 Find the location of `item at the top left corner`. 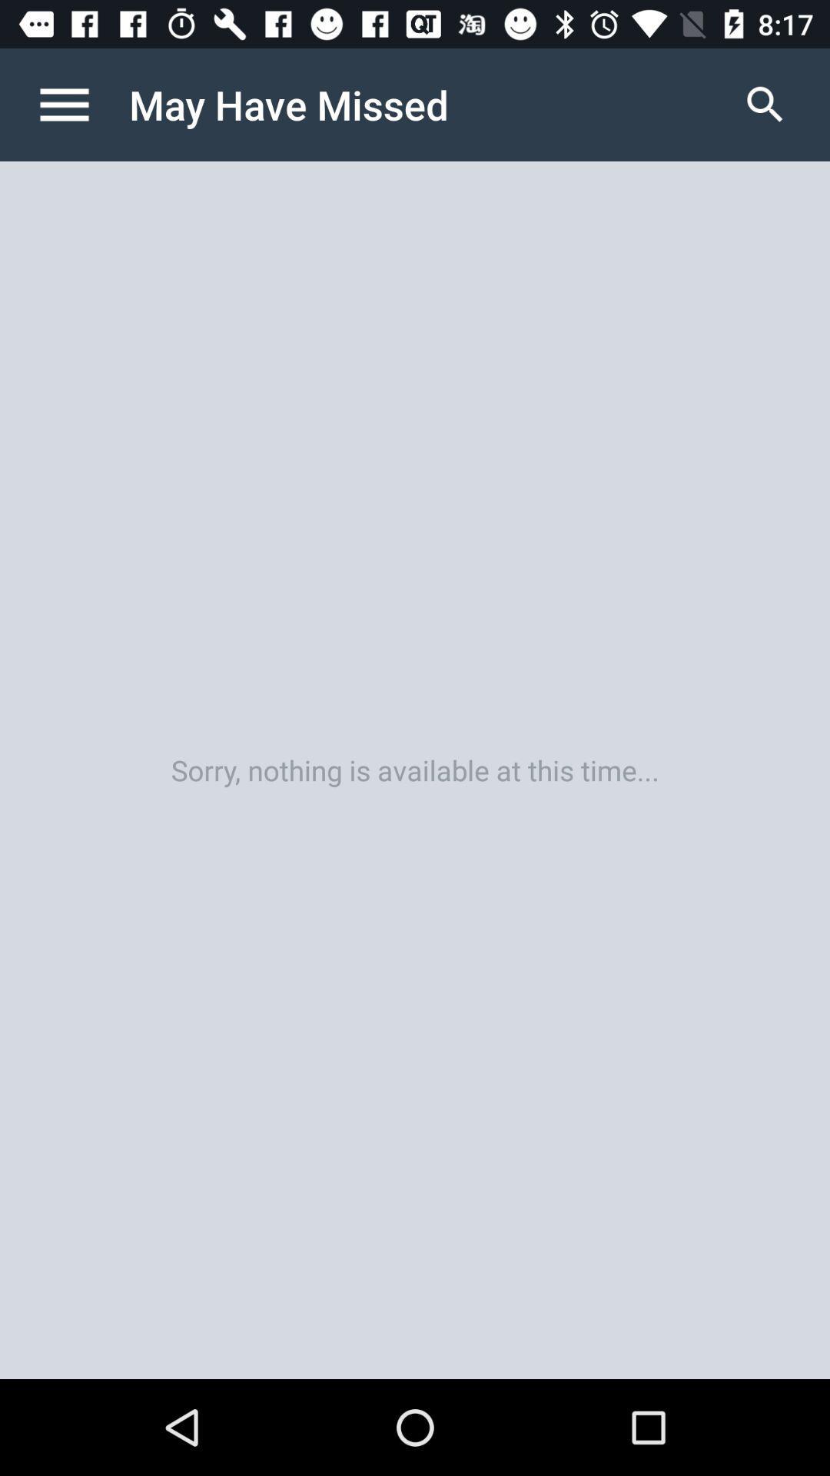

item at the top left corner is located at coordinates (80, 104).